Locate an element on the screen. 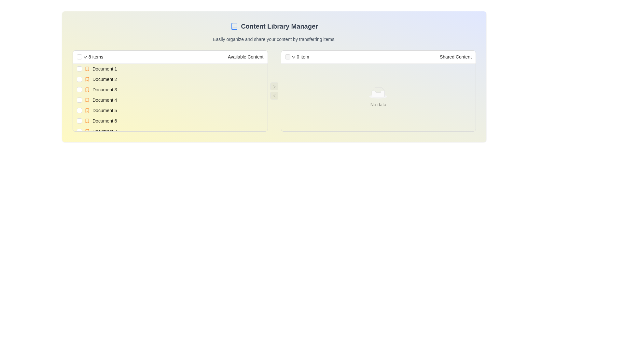  the state of the bookmark icon (svg) located to the left of 'Document 3' in the left panel, which serves as a visual indicator for marking or saving items is located at coordinates (87, 90).